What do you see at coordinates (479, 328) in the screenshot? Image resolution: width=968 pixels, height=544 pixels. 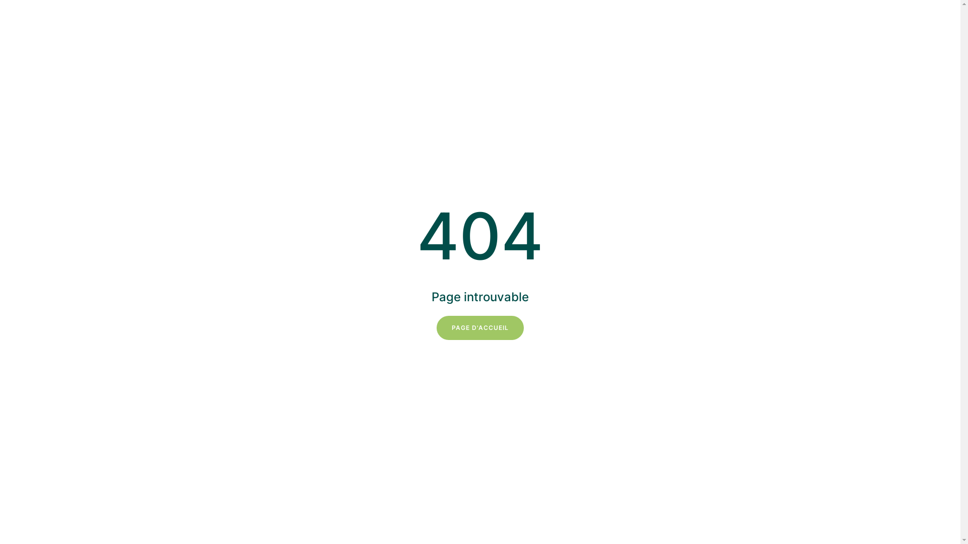 I see `'PAGE D'ACCUEIL'` at bounding box center [479, 328].